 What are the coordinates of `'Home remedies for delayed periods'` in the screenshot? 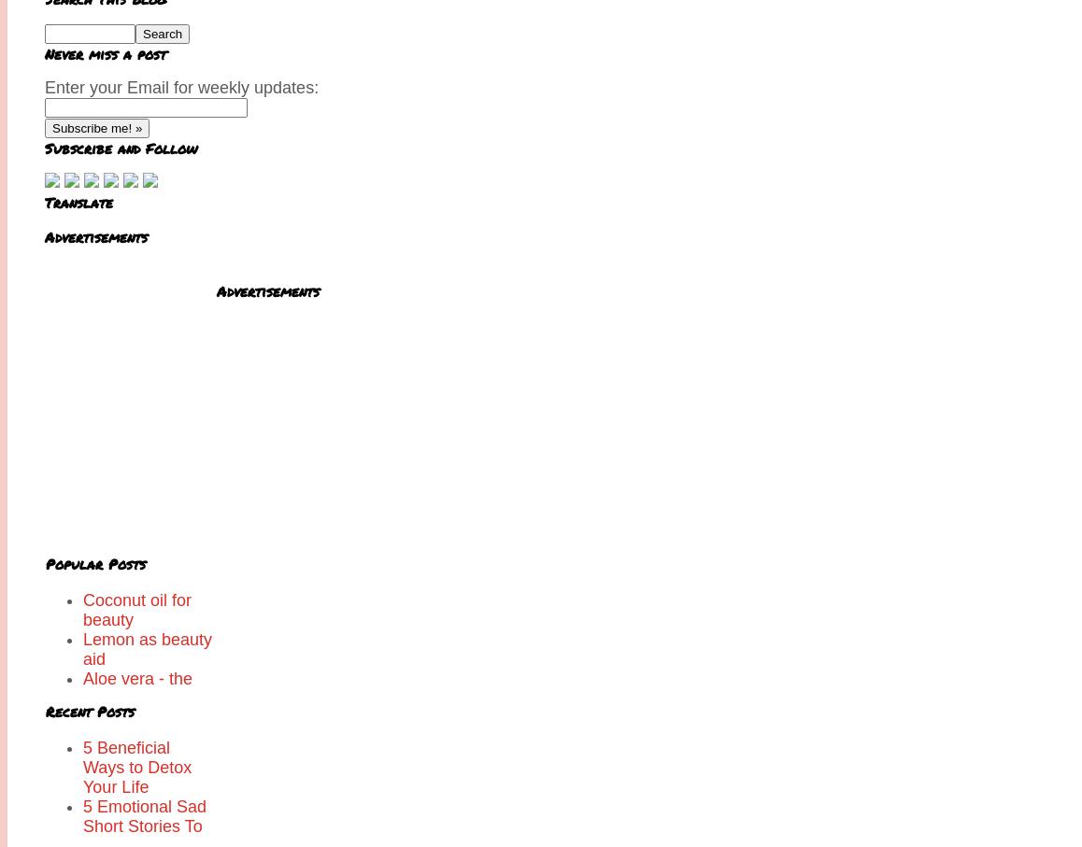 It's located at (83, 796).